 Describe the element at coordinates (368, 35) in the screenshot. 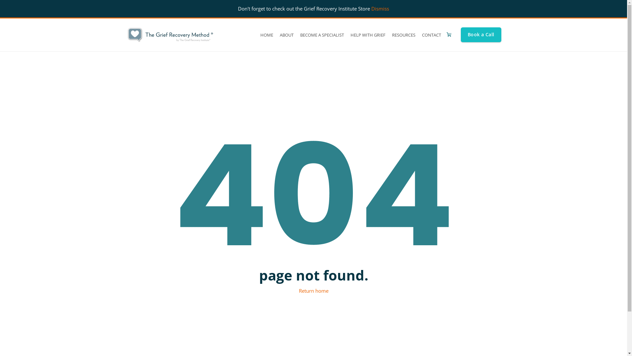

I see `'HELP WITH GRIEF'` at that location.